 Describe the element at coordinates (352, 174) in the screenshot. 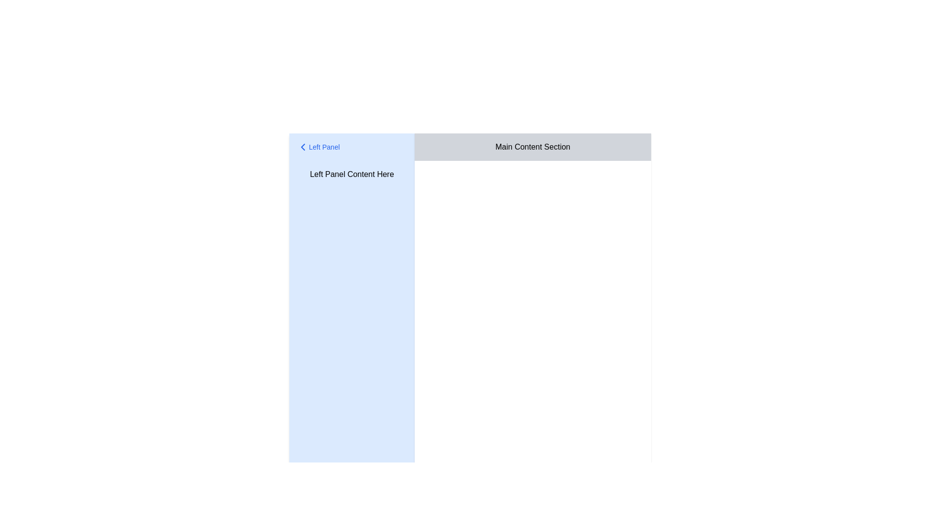

I see `the descriptive Text Label located in the left-hand panel, positioned below the 'Left Panel' label and chevron icon` at that location.